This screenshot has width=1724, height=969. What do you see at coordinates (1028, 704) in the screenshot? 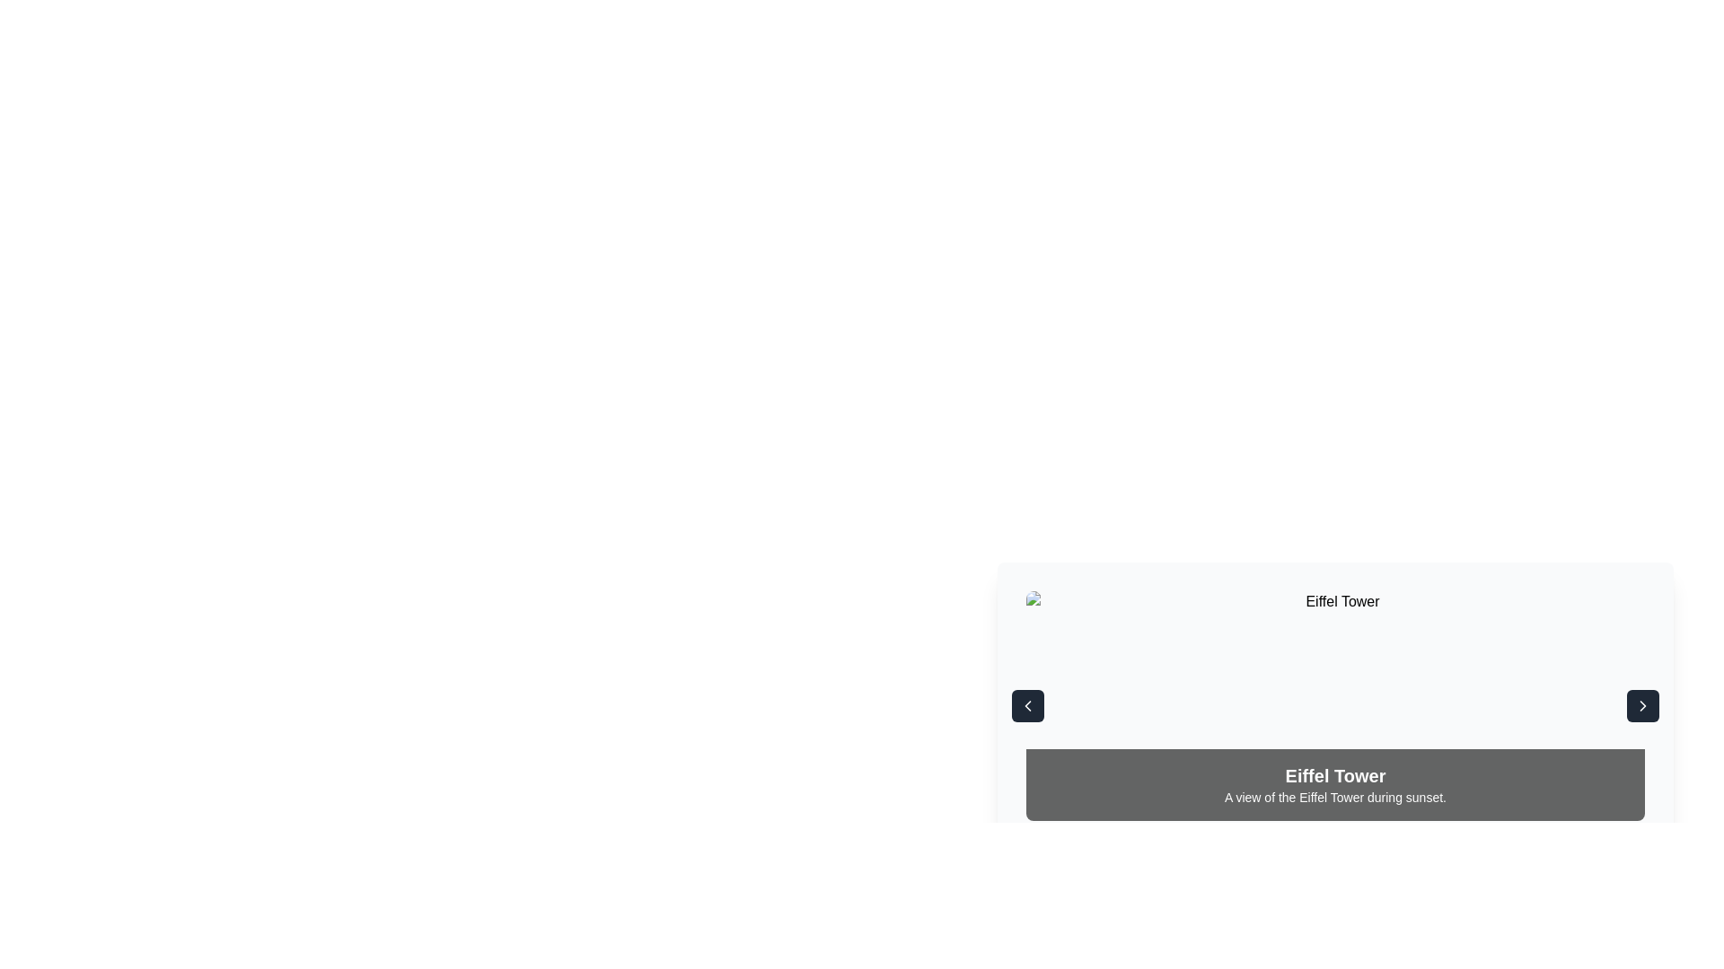
I see `the chevron-shaped icon pointing to the left, located within a small dark button in the top-left sector of the interface` at bounding box center [1028, 704].